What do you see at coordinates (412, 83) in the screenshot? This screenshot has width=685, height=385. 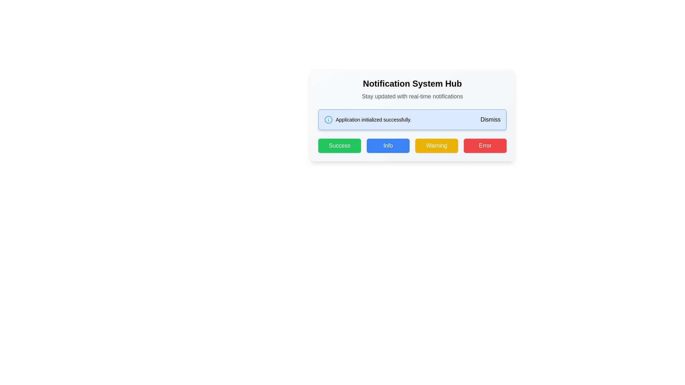 I see `header text element that introduces the notifications section, located at the top center of the interface` at bounding box center [412, 83].